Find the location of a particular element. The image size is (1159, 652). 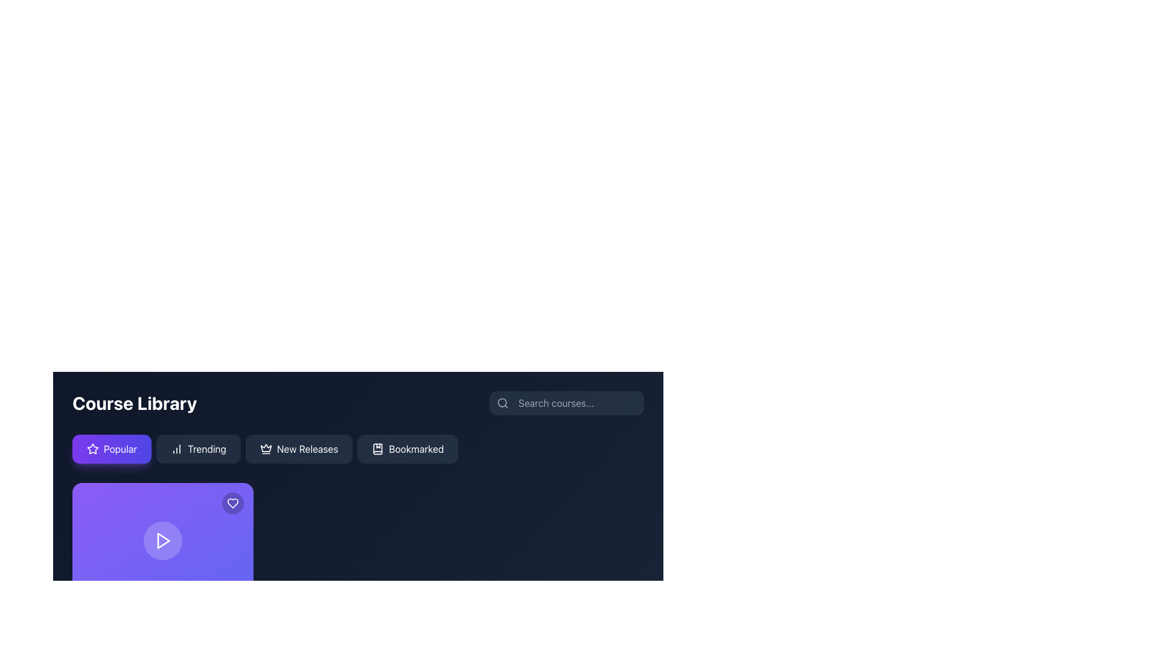

the star-shaped icon located inside the 'Popular' button, which is styled with a gradient from violet to indigo and has a shadow effect is located at coordinates (92, 449).